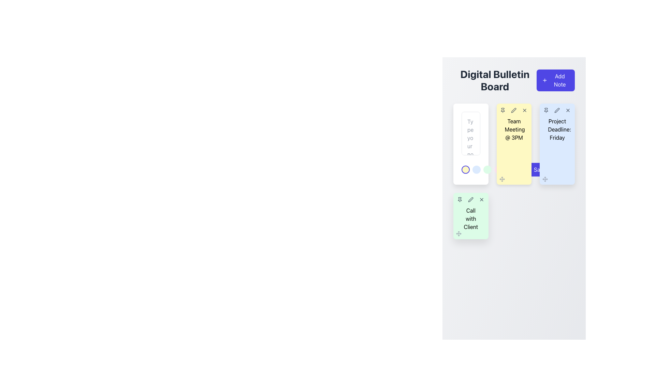 The width and height of the screenshot is (655, 368). What do you see at coordinates (514, 129) in the screenshot?
I see `the text label displaying 'Team Meeting @ 3PM' which is prominently placed on a light yellow card in the notes board layout` at bounding box center [514, 129].